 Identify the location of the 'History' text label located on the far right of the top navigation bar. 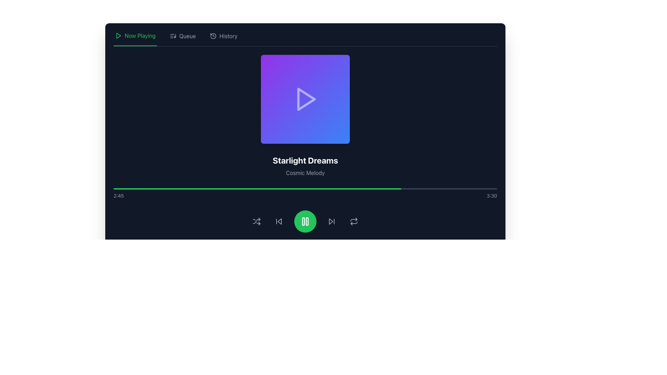
(228, 36).